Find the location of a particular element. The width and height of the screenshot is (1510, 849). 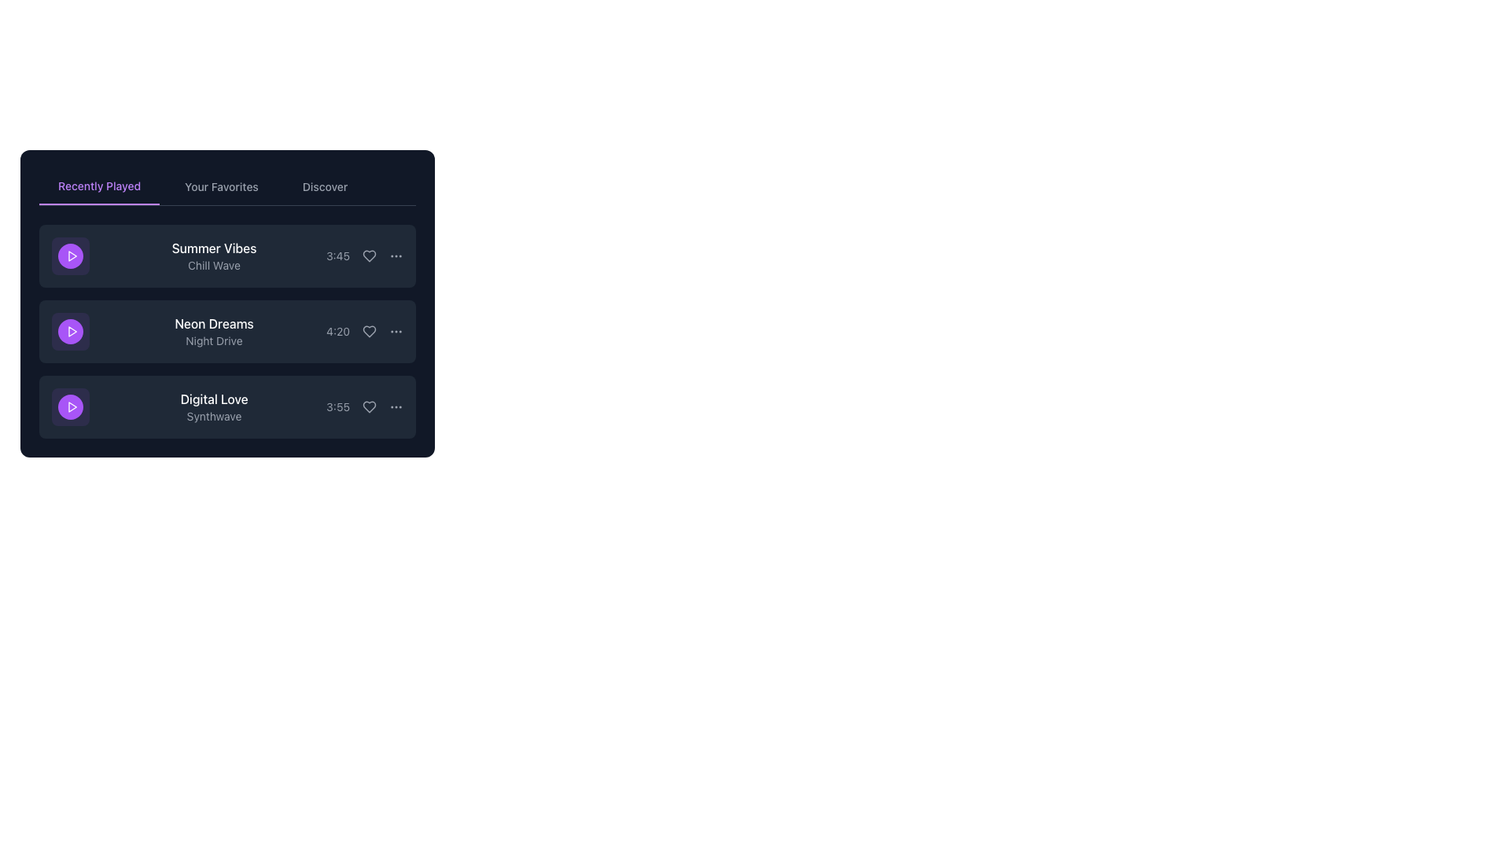

the text label indicating the genre of the song 'Synthwave' located in the third row of the playlist section, directly below the title 'Digital Love' is located at coordinates (213, 415).